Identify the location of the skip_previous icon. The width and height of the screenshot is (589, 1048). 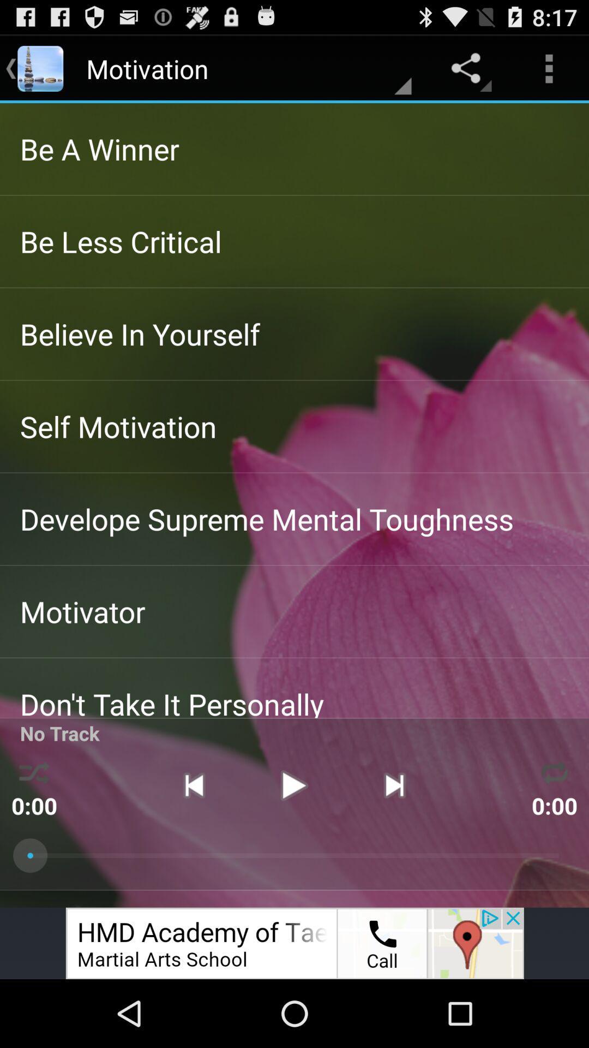
(193, 839).